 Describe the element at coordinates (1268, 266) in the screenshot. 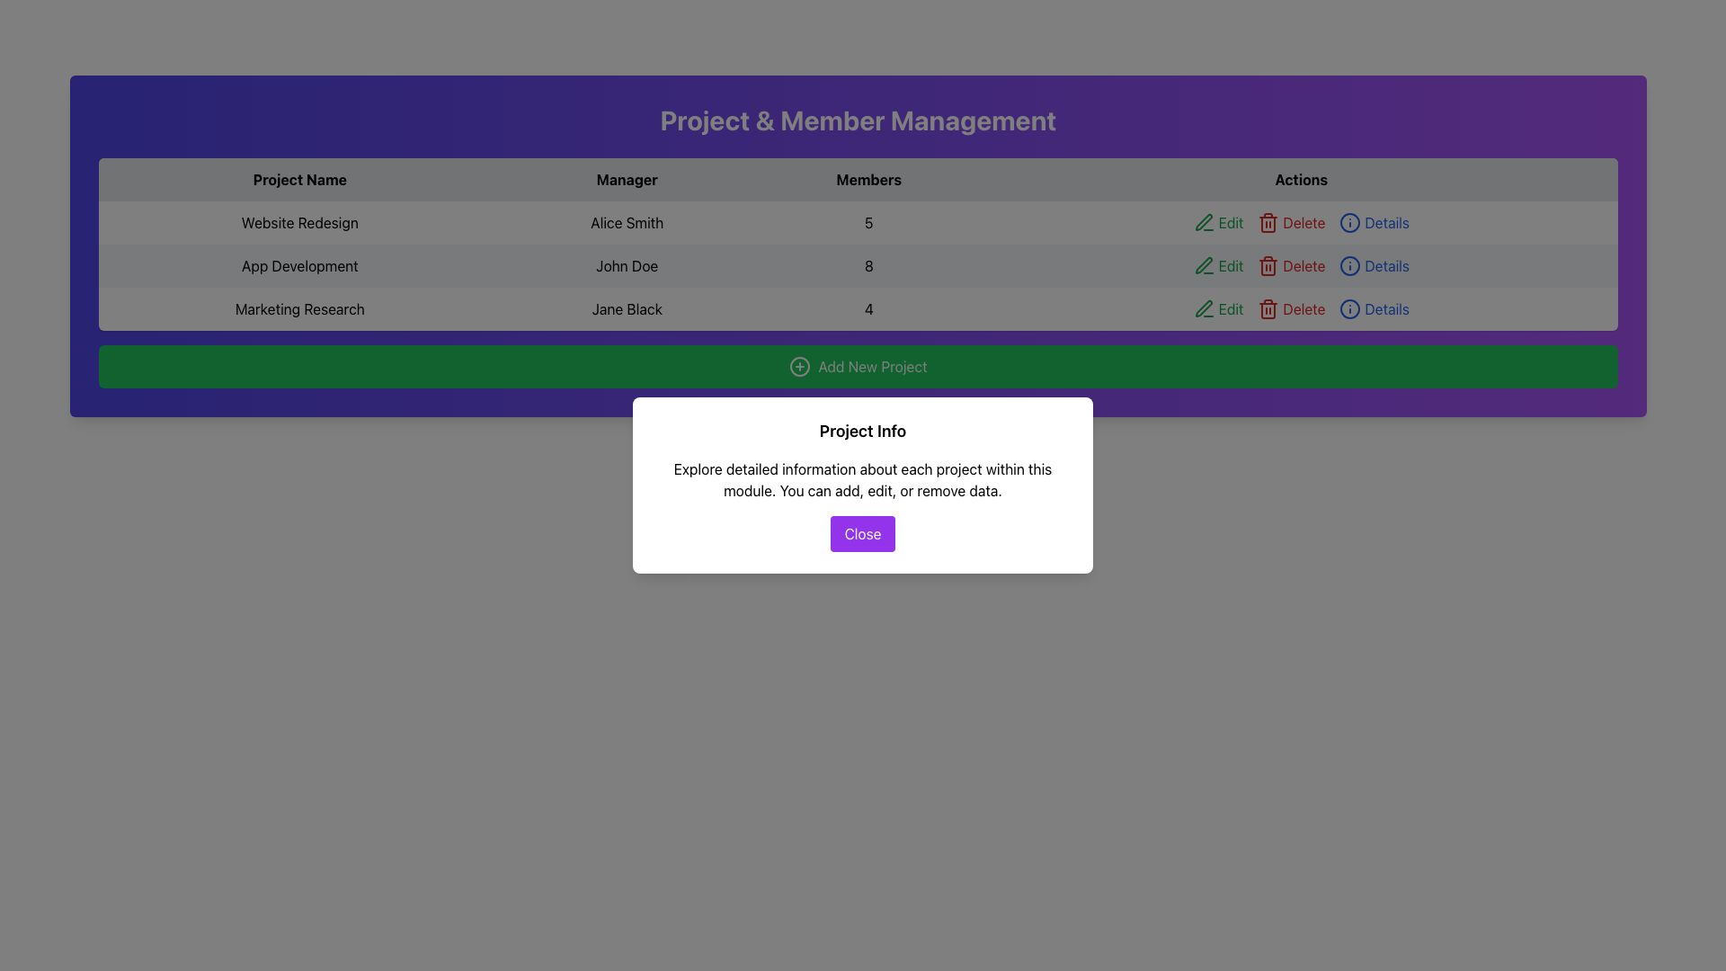

I see `the red-colored trash icon located in the 'Actions' column next to the 'Delete' text for the project 'App Development'` at that location.